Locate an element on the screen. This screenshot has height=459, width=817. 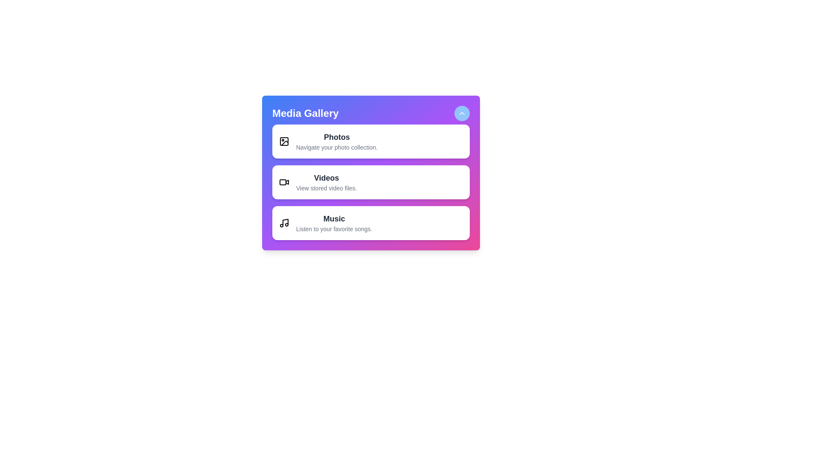
the media type Videos from the list is located at coordinates (371, 181).